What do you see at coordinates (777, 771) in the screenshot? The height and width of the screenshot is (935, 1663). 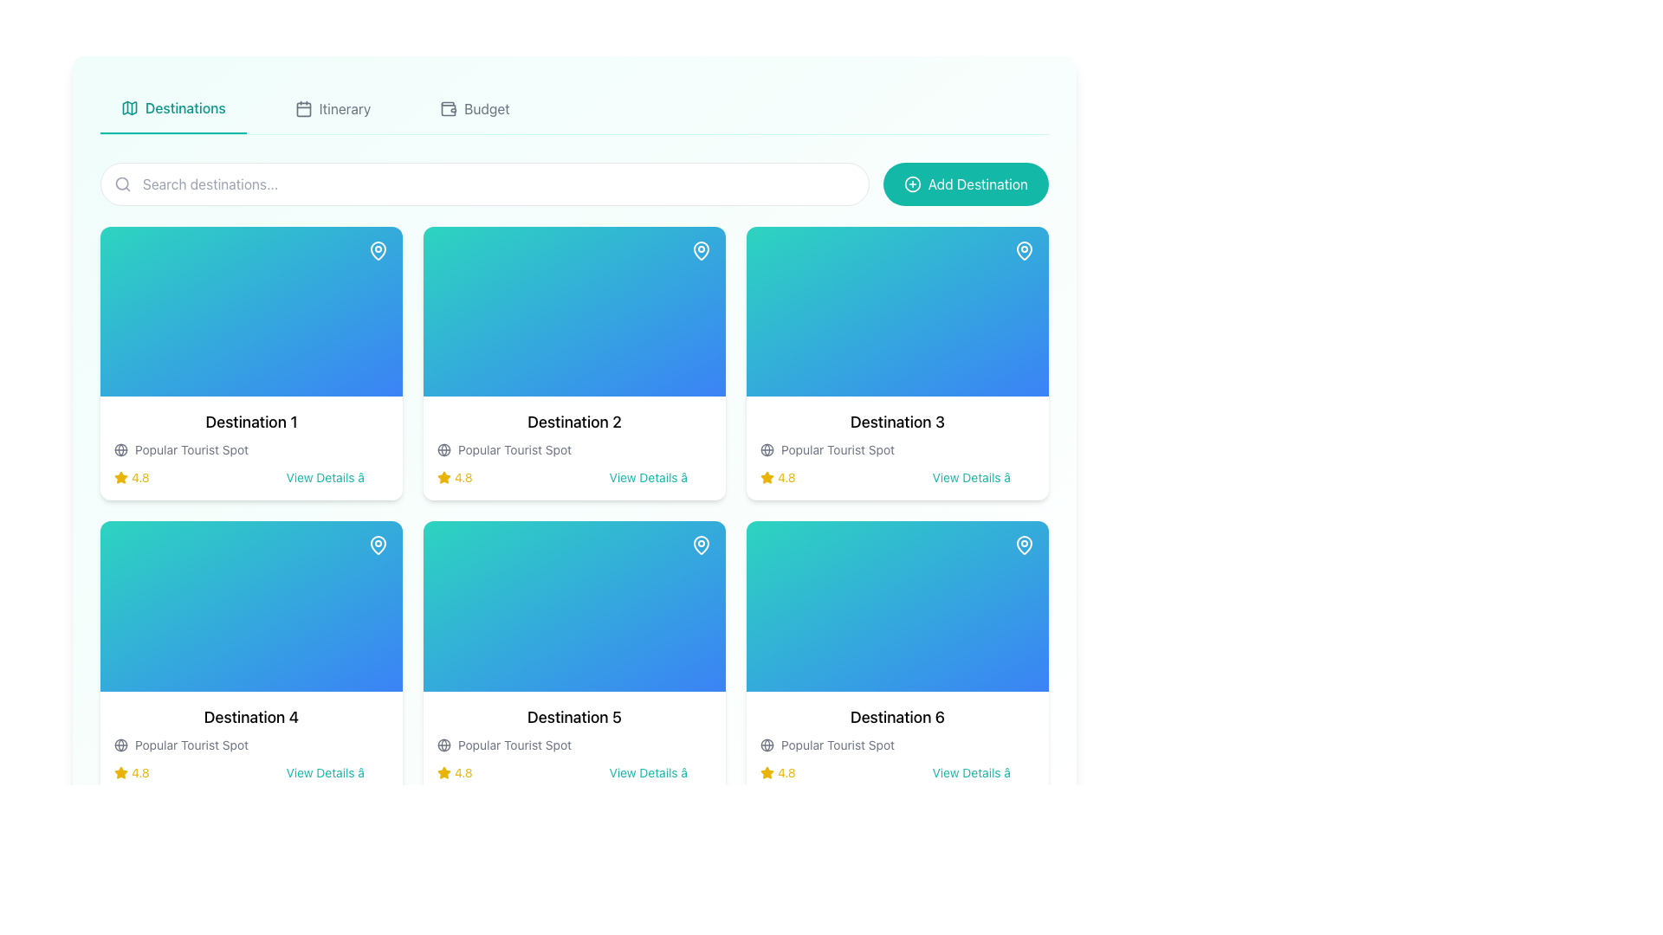 I see `the rating value displayed in the lower-left section of the 'Destination 6' card, located between 'Popular Tourist Spot' and 'View Details â†’'` at bounding box center [777, 771].